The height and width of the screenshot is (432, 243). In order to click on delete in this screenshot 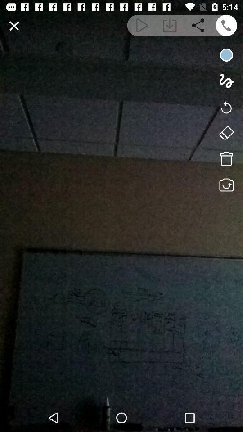, I will do `click(226, 159)`.